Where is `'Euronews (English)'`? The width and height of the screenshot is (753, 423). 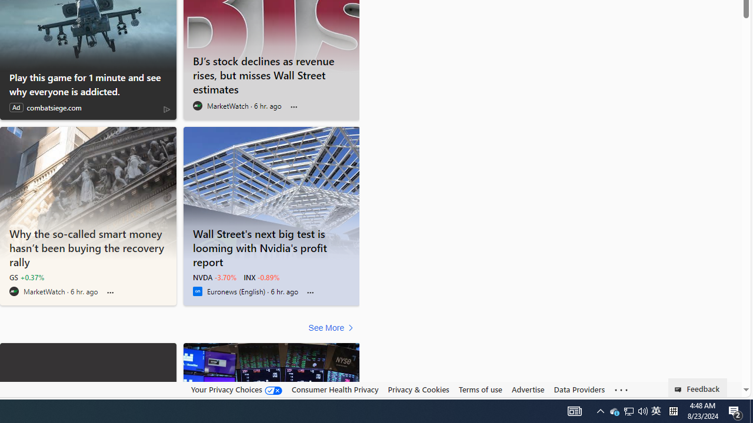 'Euronews (English)' is located at coordinates (197, 291).